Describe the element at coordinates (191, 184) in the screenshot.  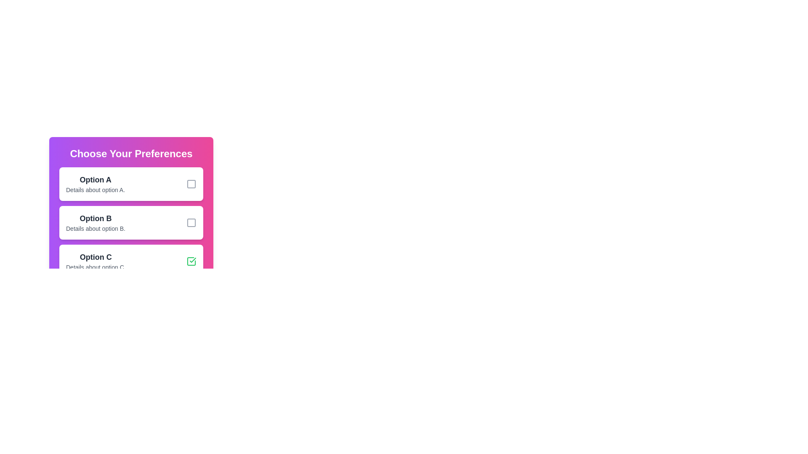
I see `the minimalistic gray square checkbox located to the right of the label 'Option A' for interaction feedback` at that location.